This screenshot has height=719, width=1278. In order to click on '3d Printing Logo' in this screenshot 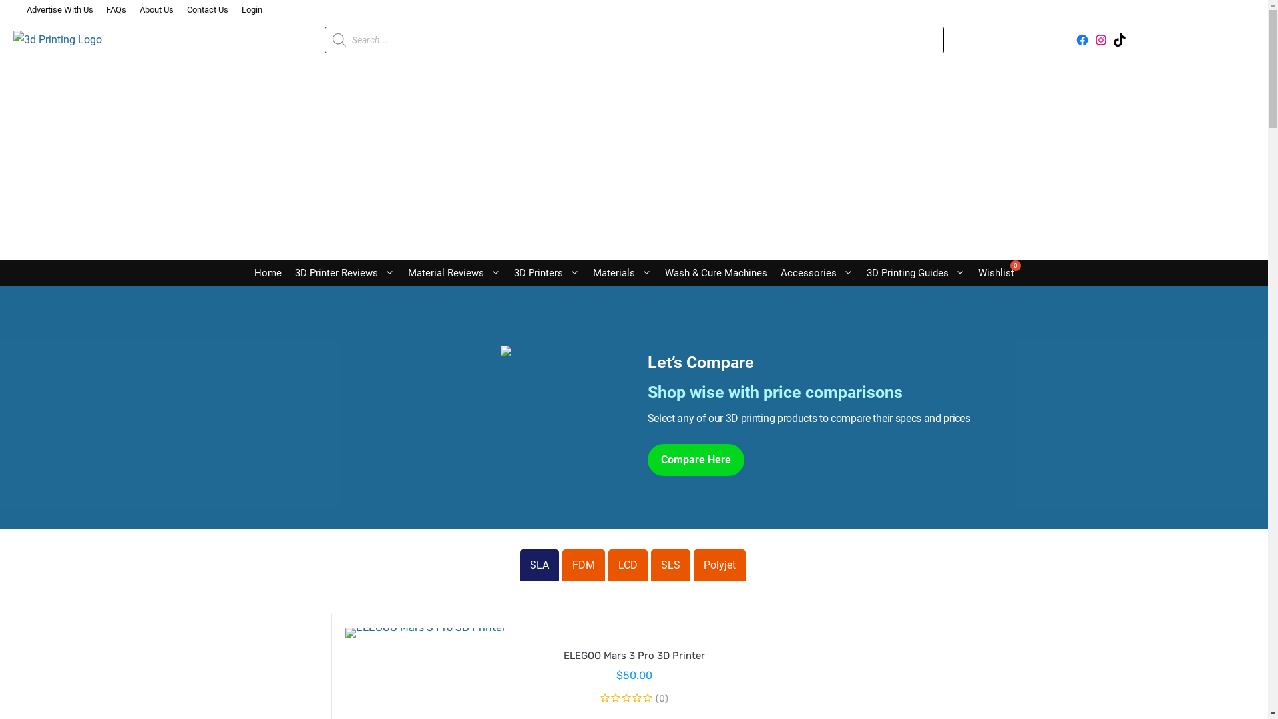, I will do `click(57, 39)`.